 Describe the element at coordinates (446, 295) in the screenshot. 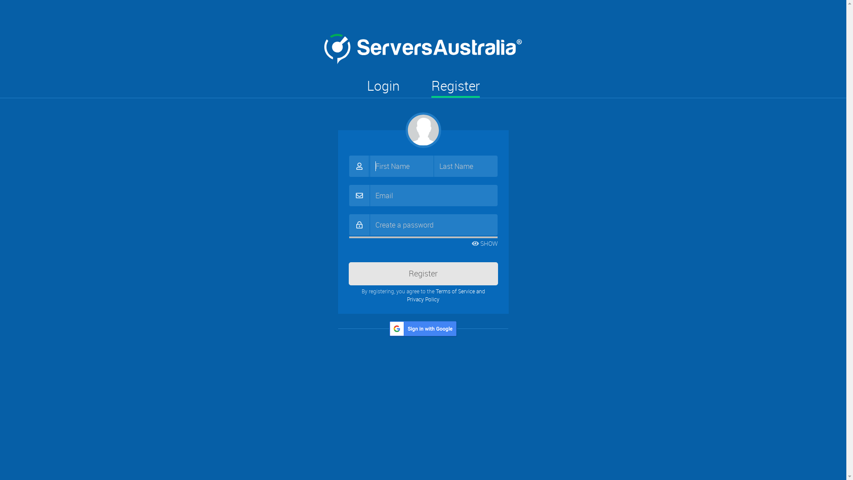

I see `'Terms of Service and Privacy Policy'` at that location.